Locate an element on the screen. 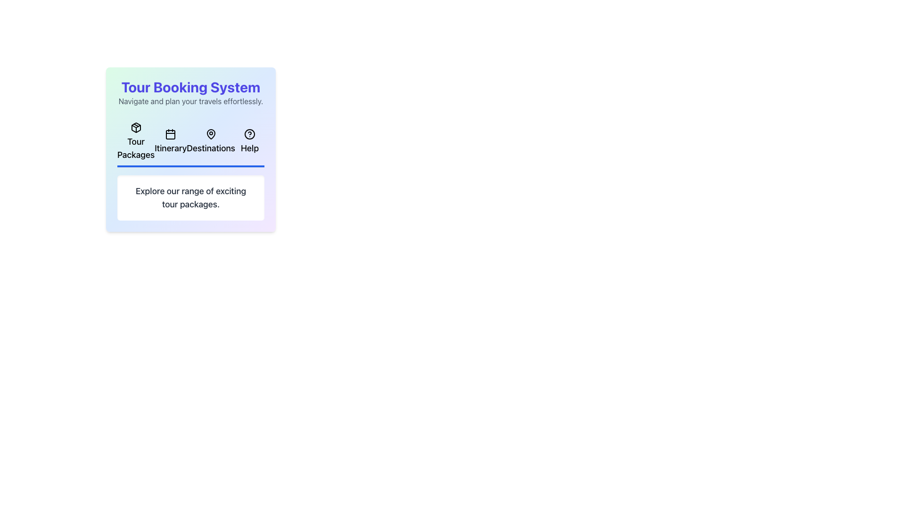 Image resolution: width=905 pixels, height=509 pixels. the informational text label located at the far right of the navigation options is located at coordinates (249, 148).